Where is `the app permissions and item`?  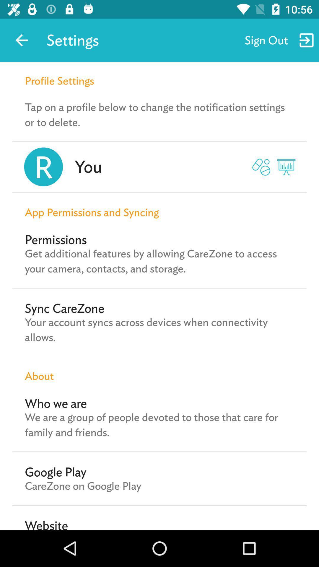
the app permissions and item is located at coordinates (159, 206).